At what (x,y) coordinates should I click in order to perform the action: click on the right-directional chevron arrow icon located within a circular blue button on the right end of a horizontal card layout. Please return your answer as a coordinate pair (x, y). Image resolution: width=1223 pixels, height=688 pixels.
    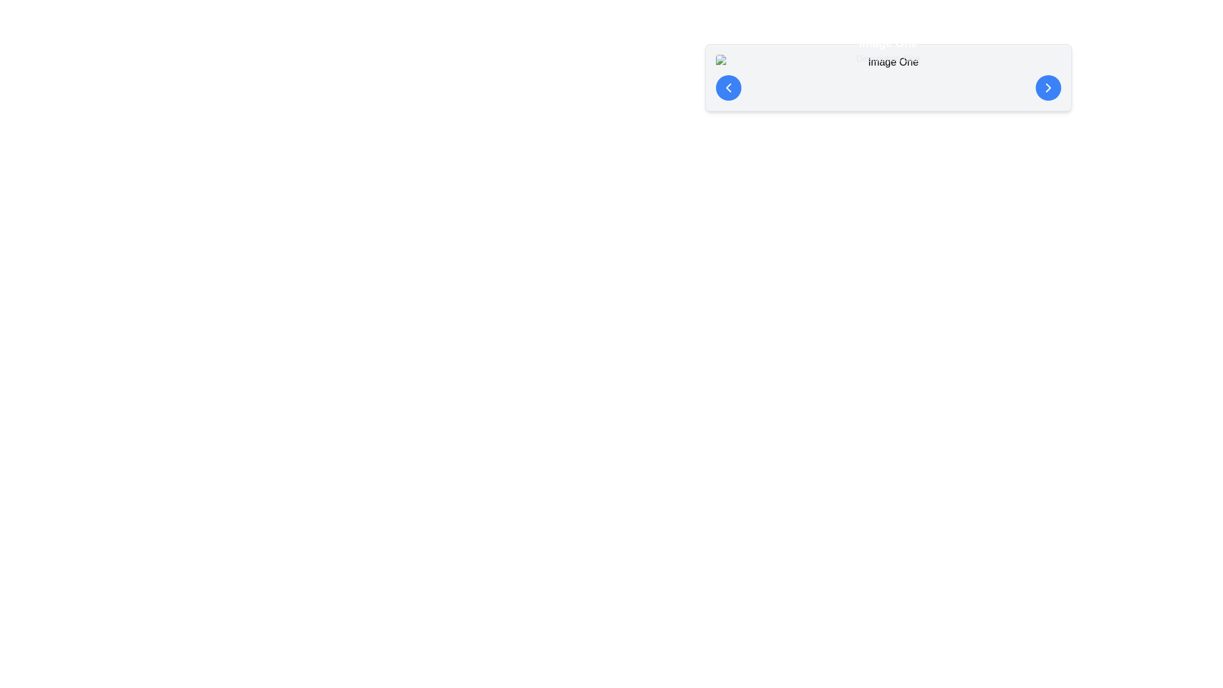
    Looking at the image, I should click on (1048, 87).